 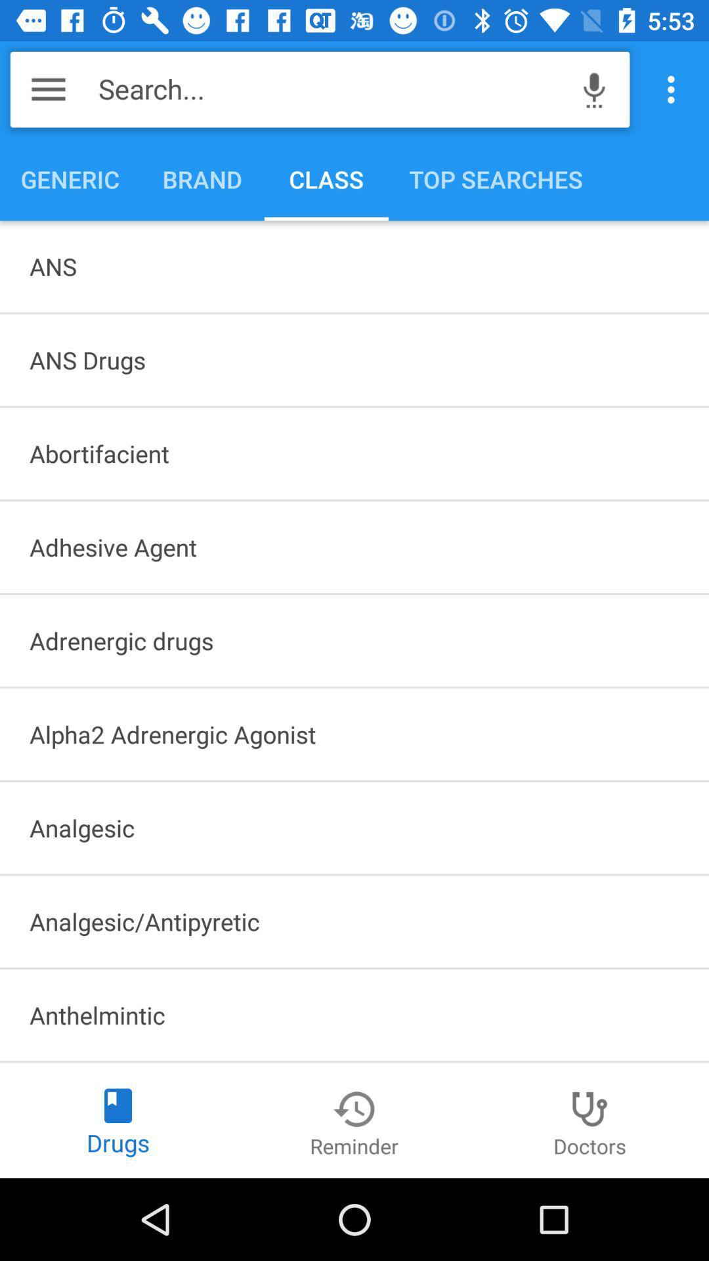 What do you see at coordinates (354, 921) in the screenshot?
I see `the analgesic/antipyretic icon` at bounding box center [354, 921].